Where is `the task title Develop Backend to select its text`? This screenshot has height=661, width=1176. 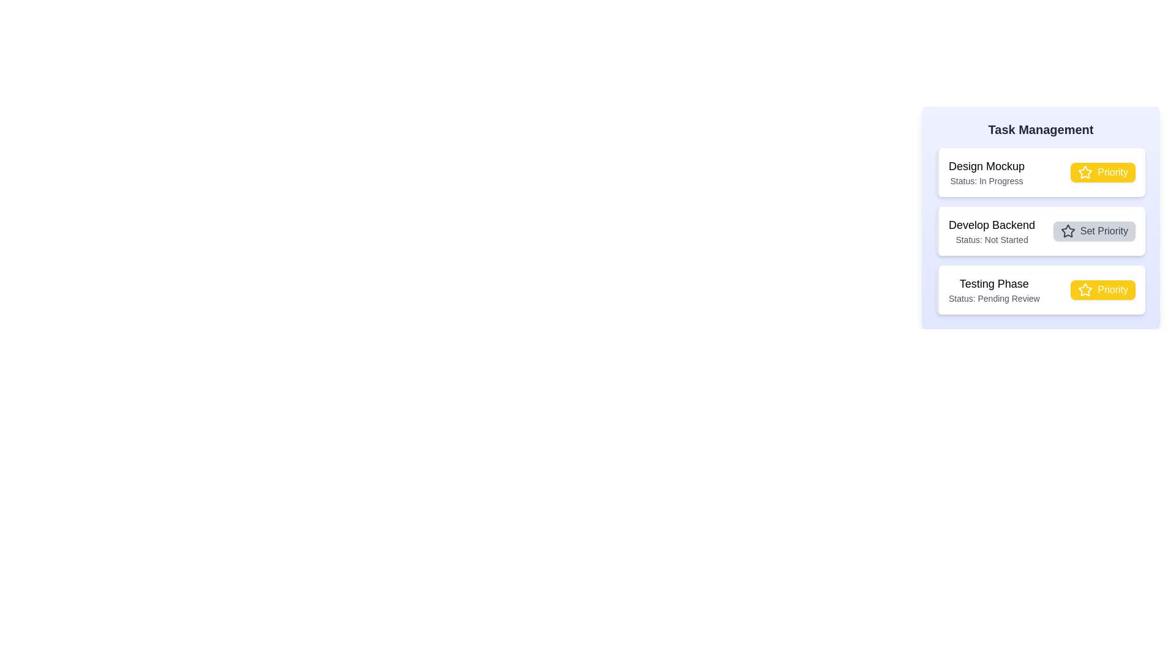 the task title Develop Backend to select its text is located at coordinates (992, 225).